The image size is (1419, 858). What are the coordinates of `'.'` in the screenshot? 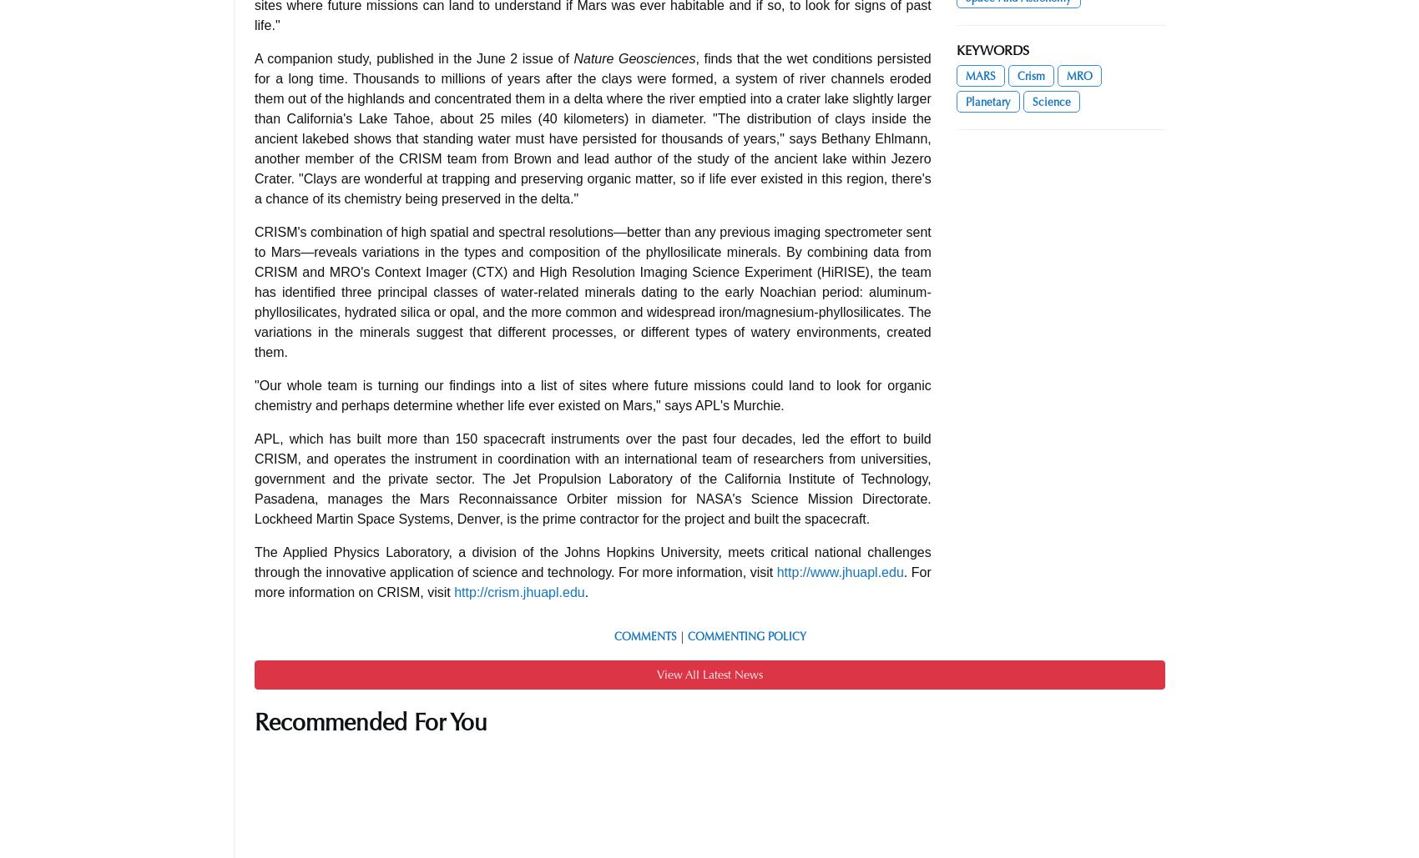 It's located at (586, 590).